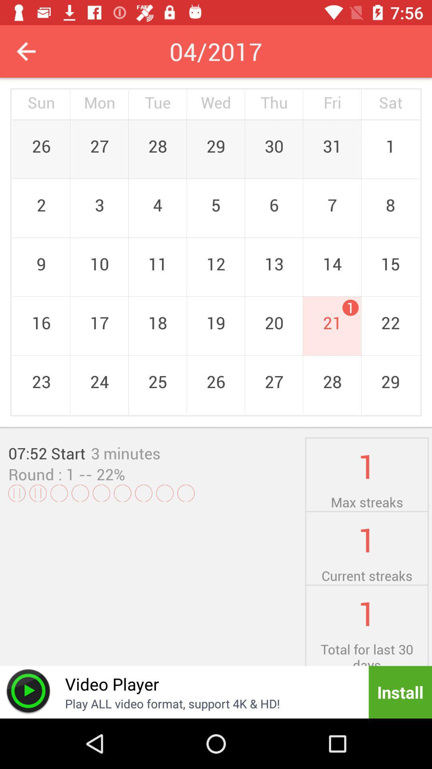  What do you see at coordinates (126, 453) in the screenshot?
I see `the 3 minutes icon` at bounding box center [126, 453].